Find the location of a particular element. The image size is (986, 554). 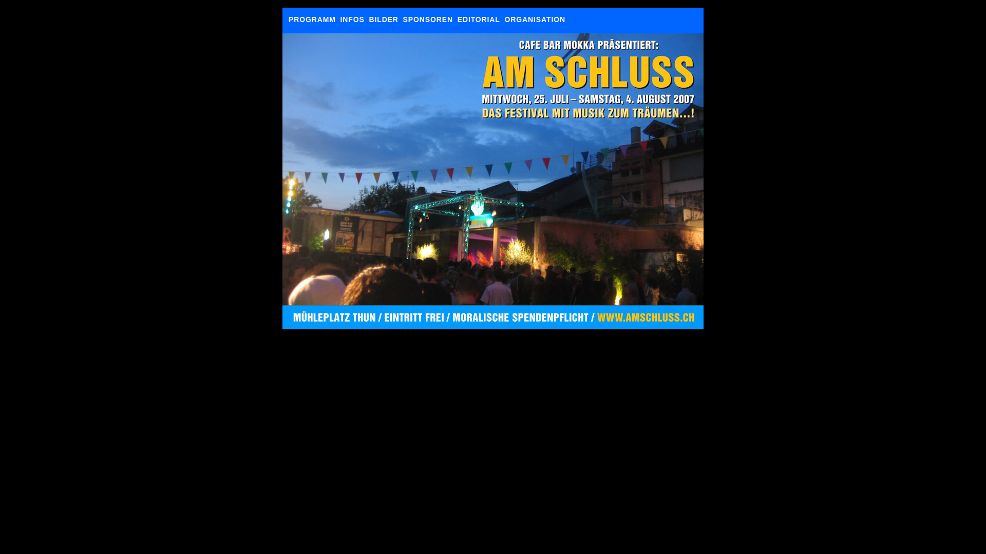

'SPONSOREN' is located at coordinates (403, 19).